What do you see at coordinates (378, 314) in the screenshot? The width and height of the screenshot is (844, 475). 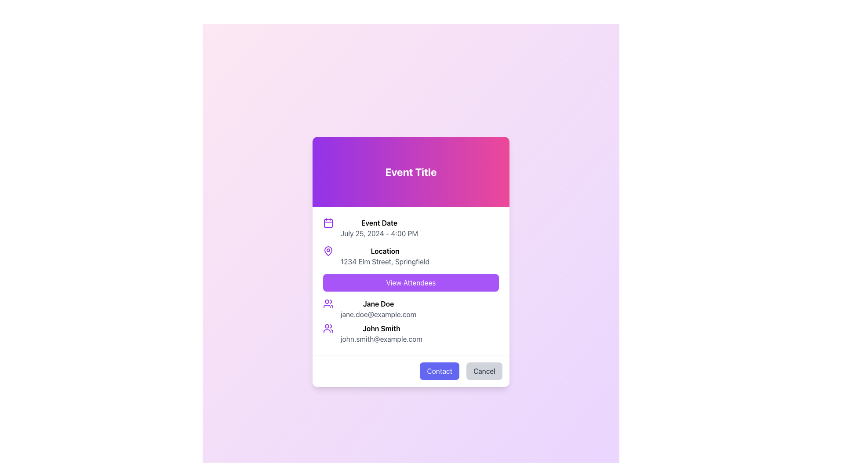 I see `the static text displaying the email address associated with 'Jane Doe', located in the lower part of the dialog box beneath the name text` at bounding box center [378, 314].